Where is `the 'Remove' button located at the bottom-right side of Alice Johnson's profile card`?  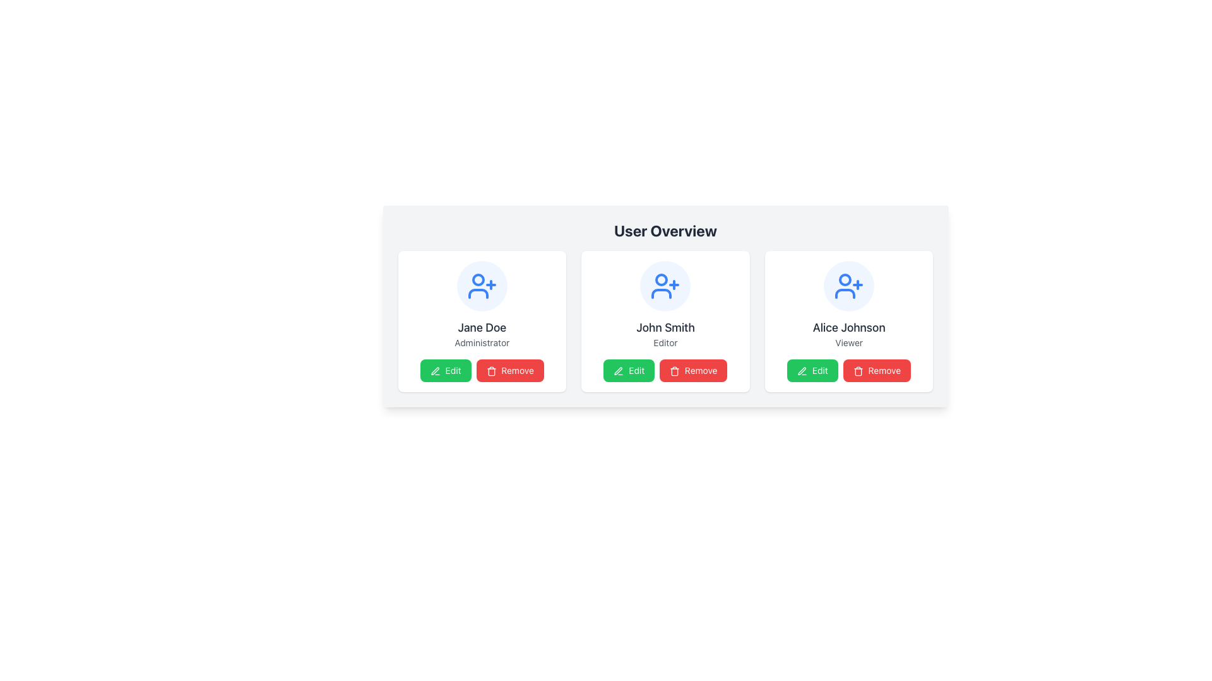
the 'Remove' button located at the bottom-right side of Alice Johnson's profile card is located at coordinates (876, 370).